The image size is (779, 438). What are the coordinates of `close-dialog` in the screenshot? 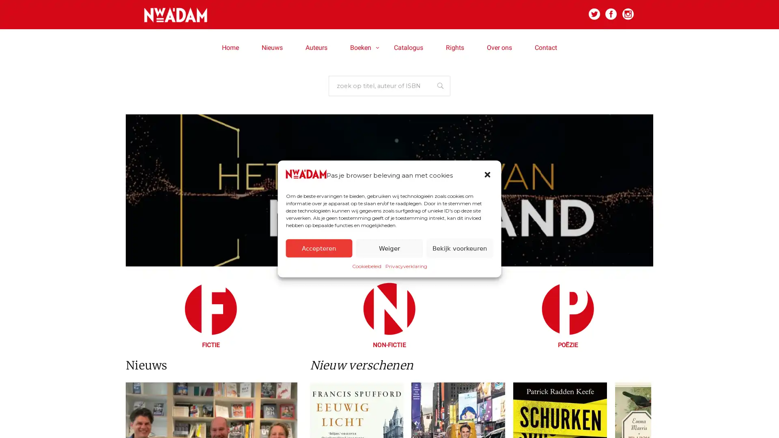 It's located at (488, 175).